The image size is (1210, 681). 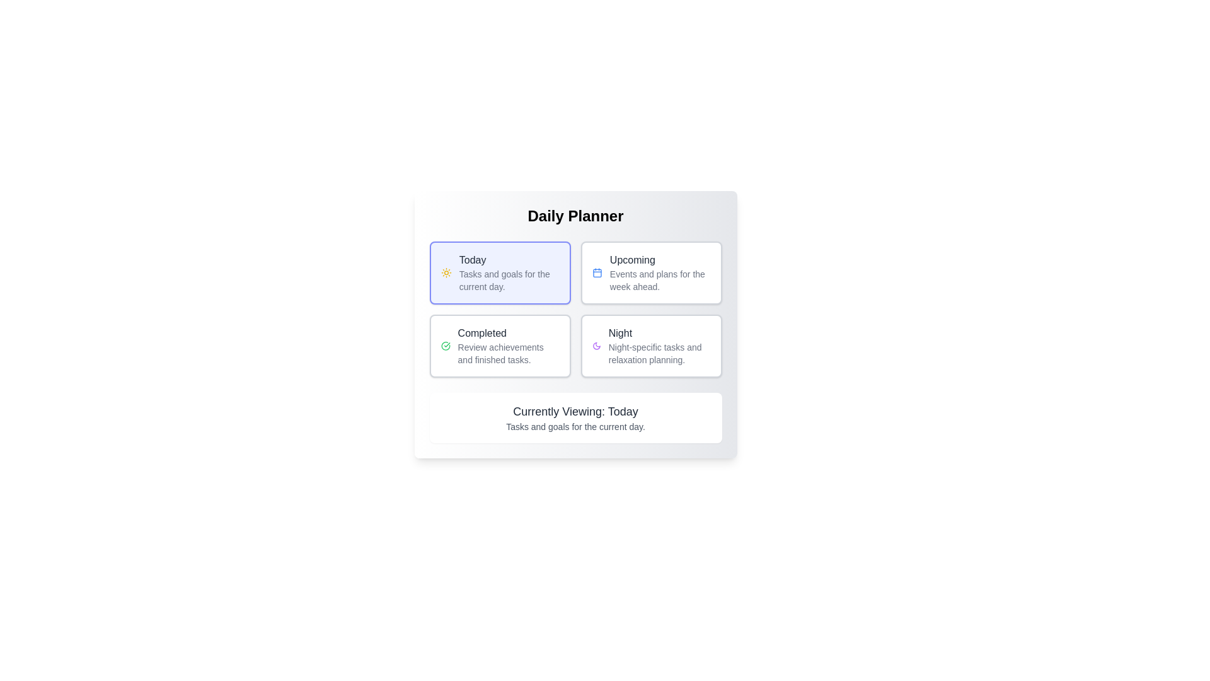 What do you see at coordinates (575, 426) in the screenshot?
I see `text label that displays 'Tasks and goals for the current day.' located at the bottom of the card titled 'Currently Viewing: Today' in the 'Daily Planner' interface` at bounding box center [575, 426].